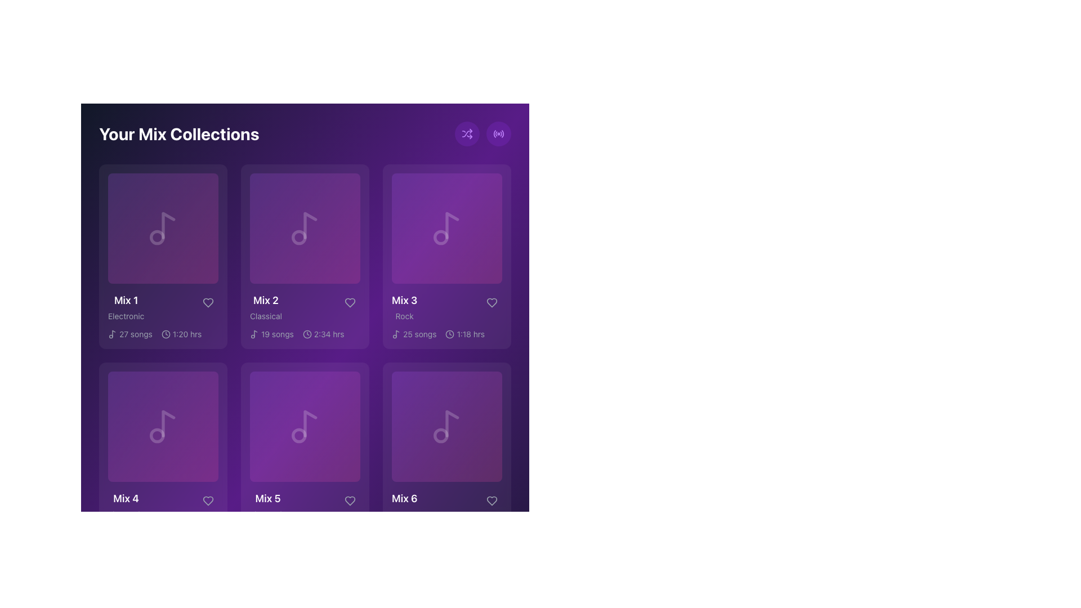 The image size is (1081, 608). I want to click on the 'Mix 2' text label that is associated with the 'Classical' category, which is located in the top row of the grid, so click(265, 307).